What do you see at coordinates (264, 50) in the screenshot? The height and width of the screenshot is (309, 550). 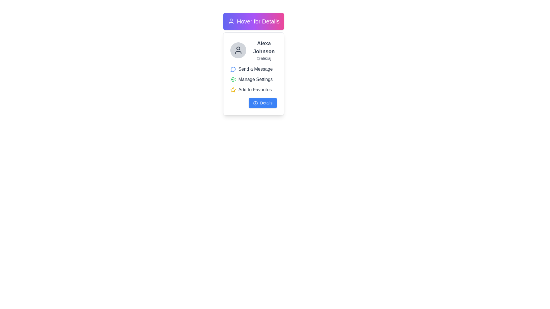 I see `the text display that shows the user identifier, located to the right of the circular profile icon in the card layout` at bounding box center [264, 50].